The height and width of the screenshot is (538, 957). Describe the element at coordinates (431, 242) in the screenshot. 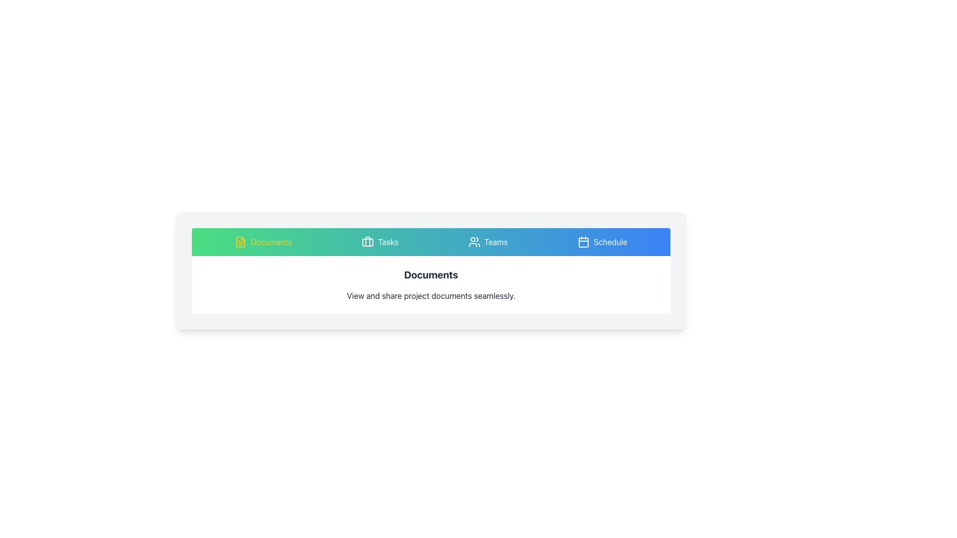

I see `a tab in the Navigation Bar` at that location.